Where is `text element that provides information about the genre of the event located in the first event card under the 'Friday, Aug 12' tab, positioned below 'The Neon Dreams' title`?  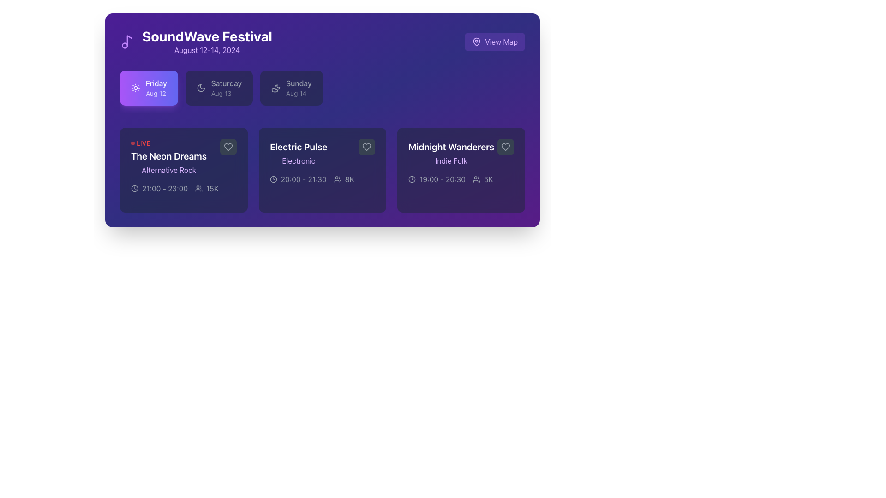 text element that provides information about the genre of the event located in the first event card under the 'Friday, Aug 12' tab, positioned below 'The Neon Dreams' title is located at coordinates (169, 170).